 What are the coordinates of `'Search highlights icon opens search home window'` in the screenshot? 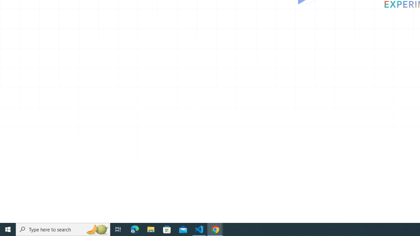 It's located at (96, 229).